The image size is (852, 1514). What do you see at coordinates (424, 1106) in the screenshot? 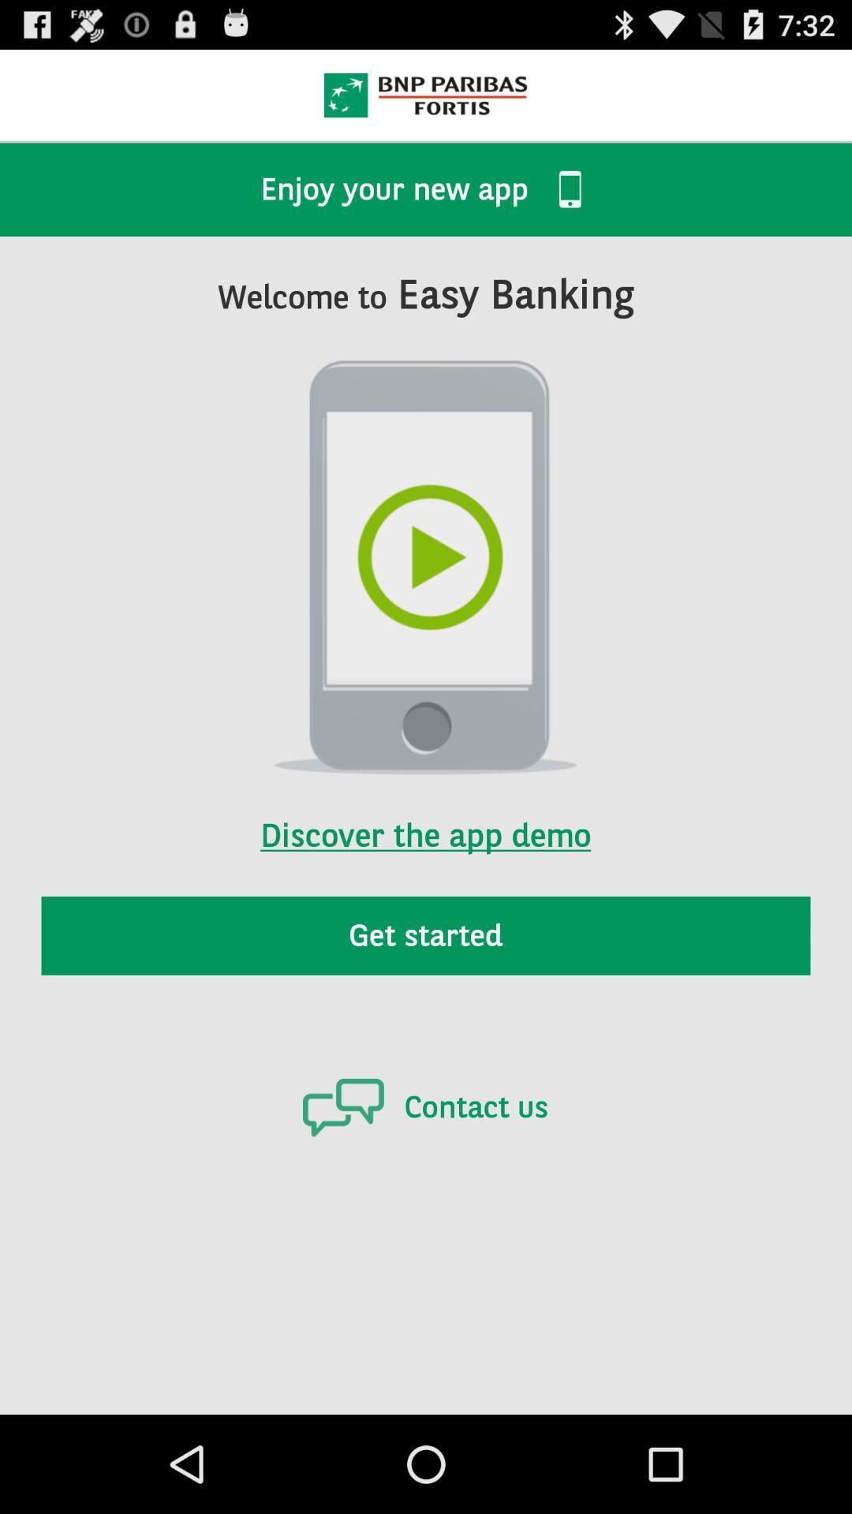
I see `contact us icon` at bounding box center [424, 1106].